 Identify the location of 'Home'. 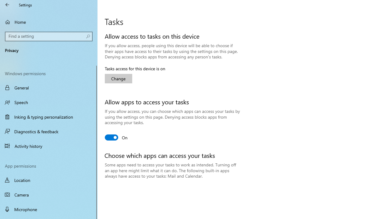
(49, 22).